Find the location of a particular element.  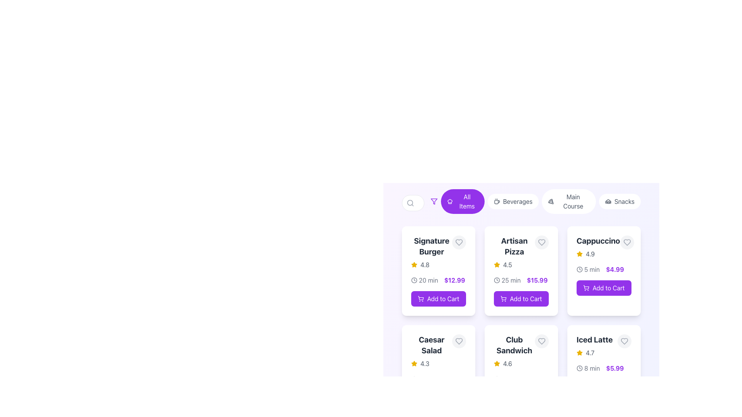

the heart icon embedded in the button located in the top-right corner of the Cappuccino card to mark the associated menu item as a favorite is located at coordinates (627, 242).